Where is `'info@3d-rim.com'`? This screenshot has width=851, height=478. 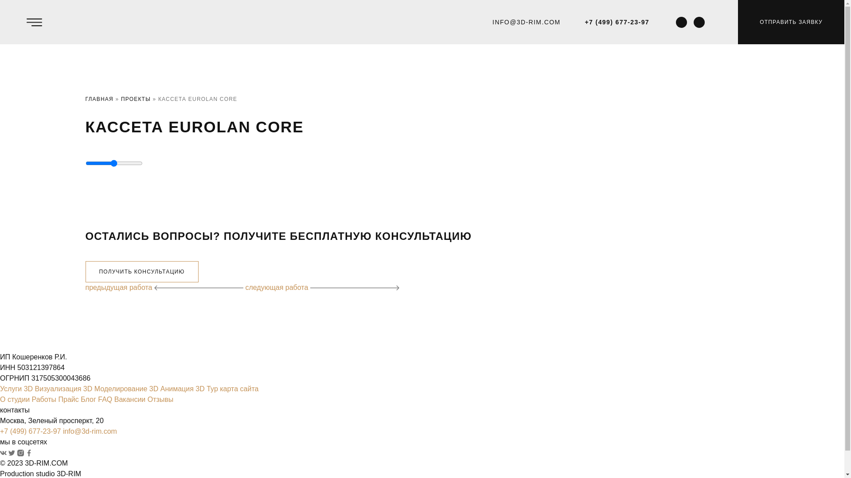
'info@3d-rim.com' is located at coordinates (90, 431).